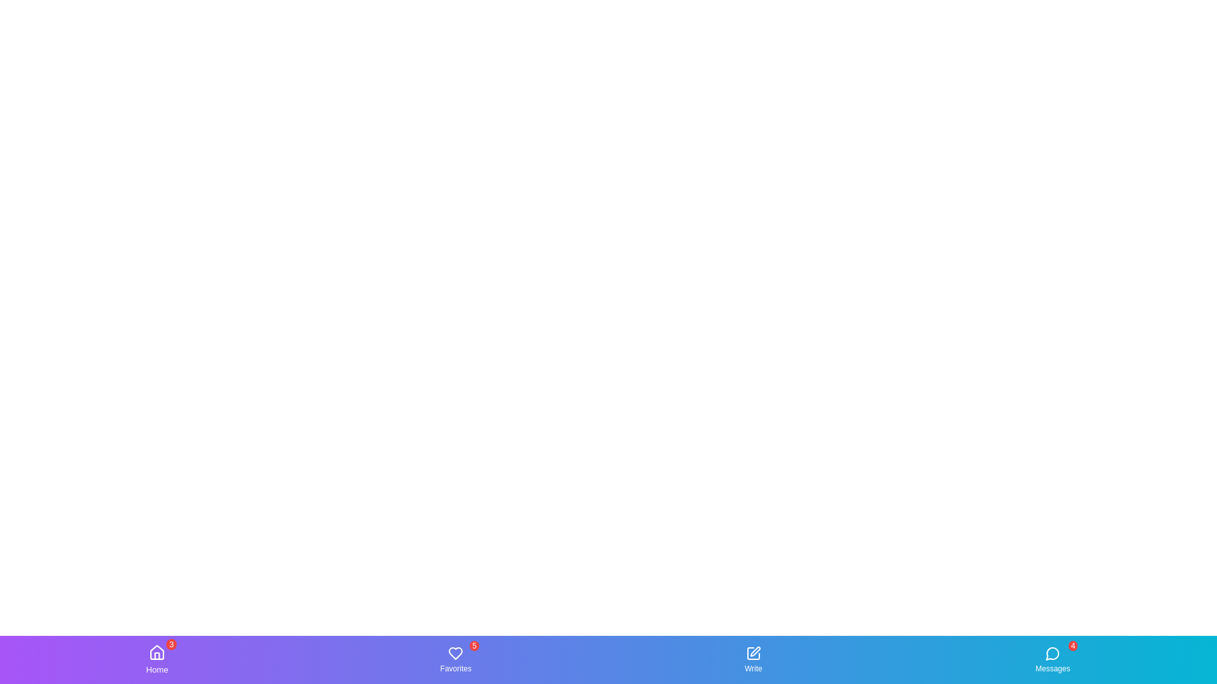  I want to click on the Favorites tab by clicking on its icon or label, so click(456, 659).